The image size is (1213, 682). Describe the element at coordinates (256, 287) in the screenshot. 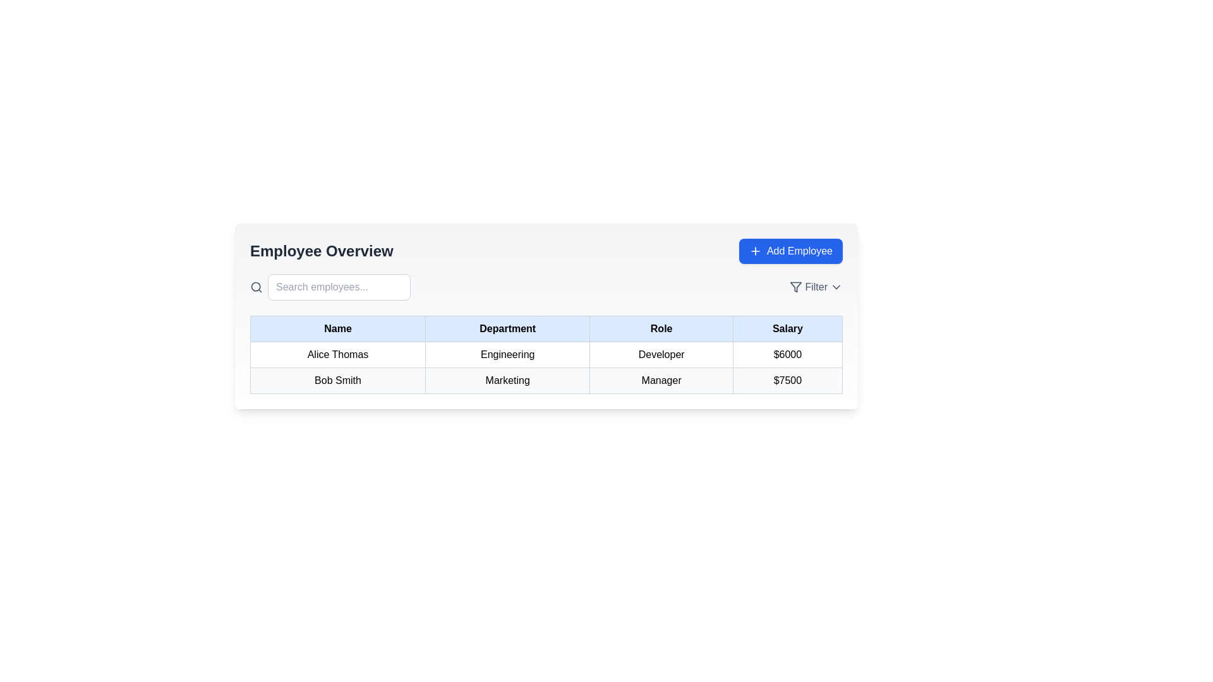

I see `the search icon located on the left side of the search bar in the 'Employee Overview' interface` at that location.